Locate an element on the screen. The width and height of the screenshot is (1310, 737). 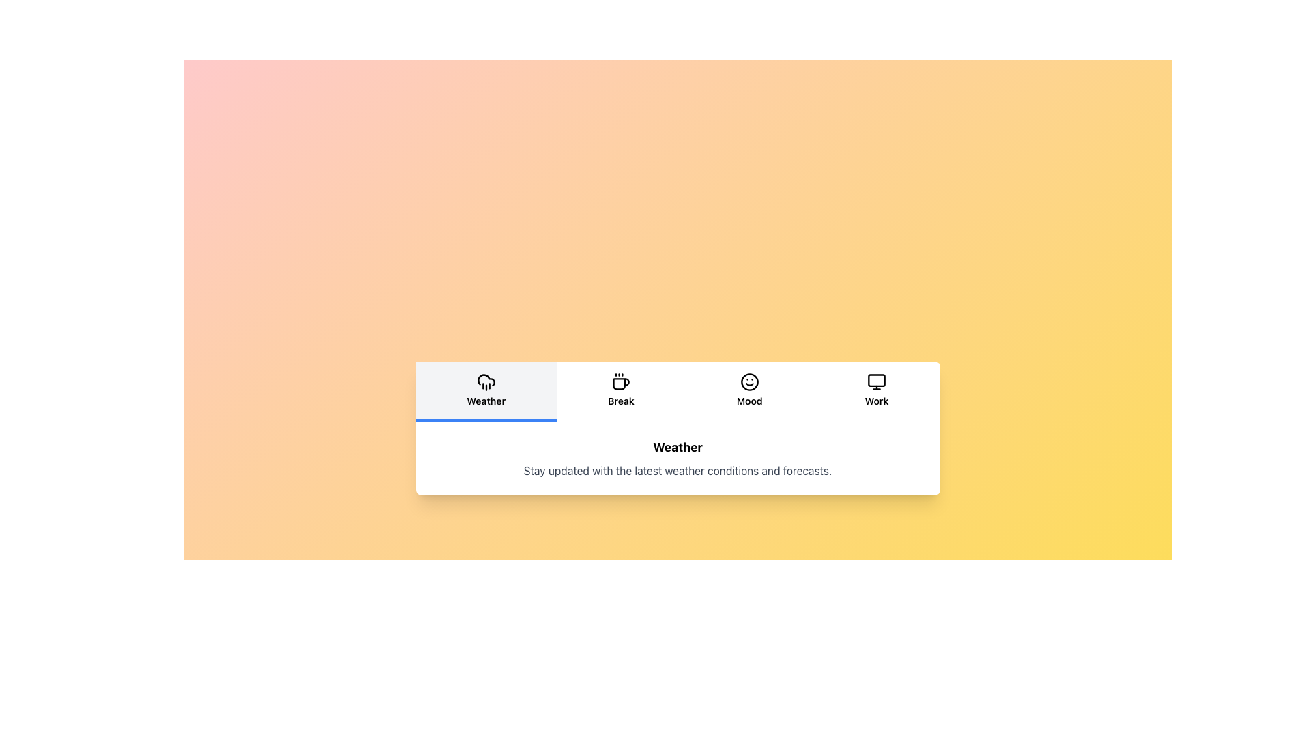
the text label that identifies the 'Work' section, which is the last among a horizontally arranged set of options and positioned below a computer monitor icon is located at coordinates (877, 400).